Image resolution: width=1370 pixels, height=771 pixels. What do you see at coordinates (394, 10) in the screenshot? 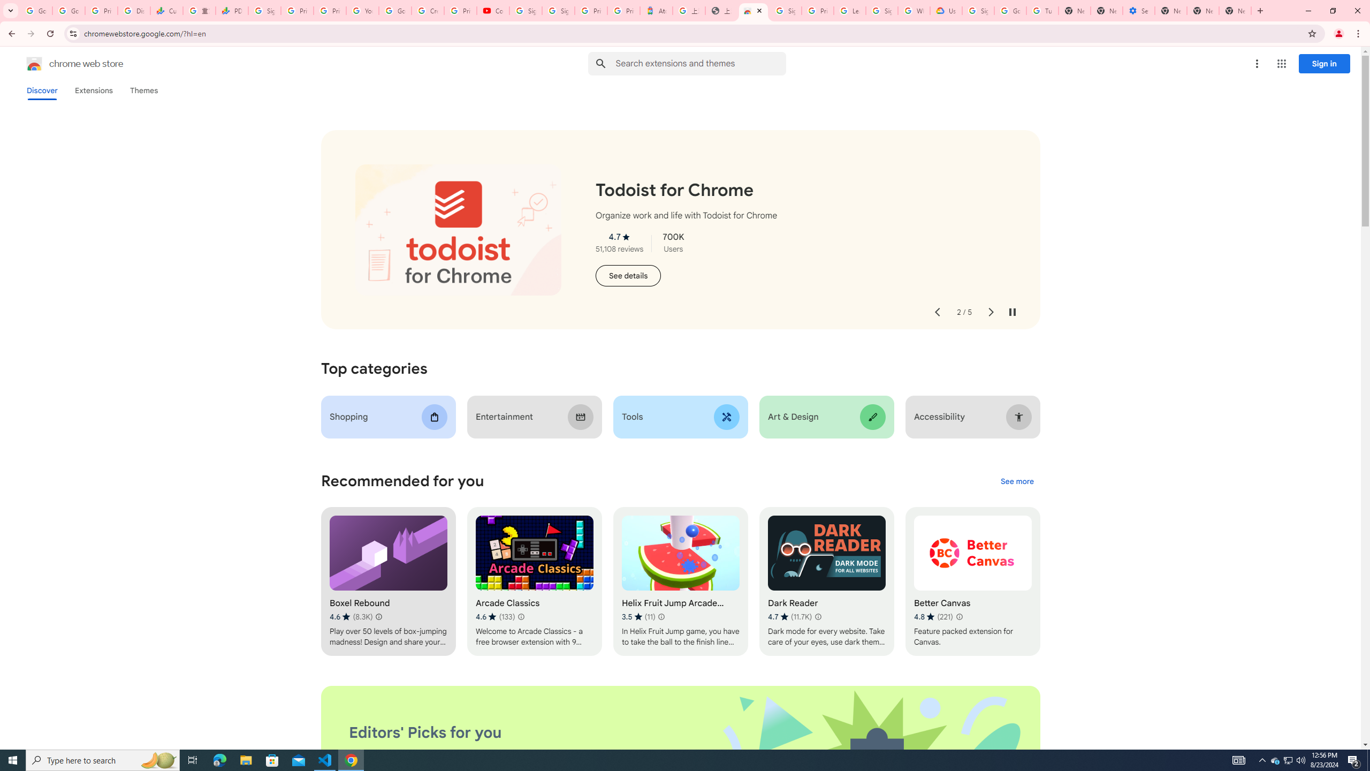
I see `'Google Account Help'` at bounding box center [394, 10].